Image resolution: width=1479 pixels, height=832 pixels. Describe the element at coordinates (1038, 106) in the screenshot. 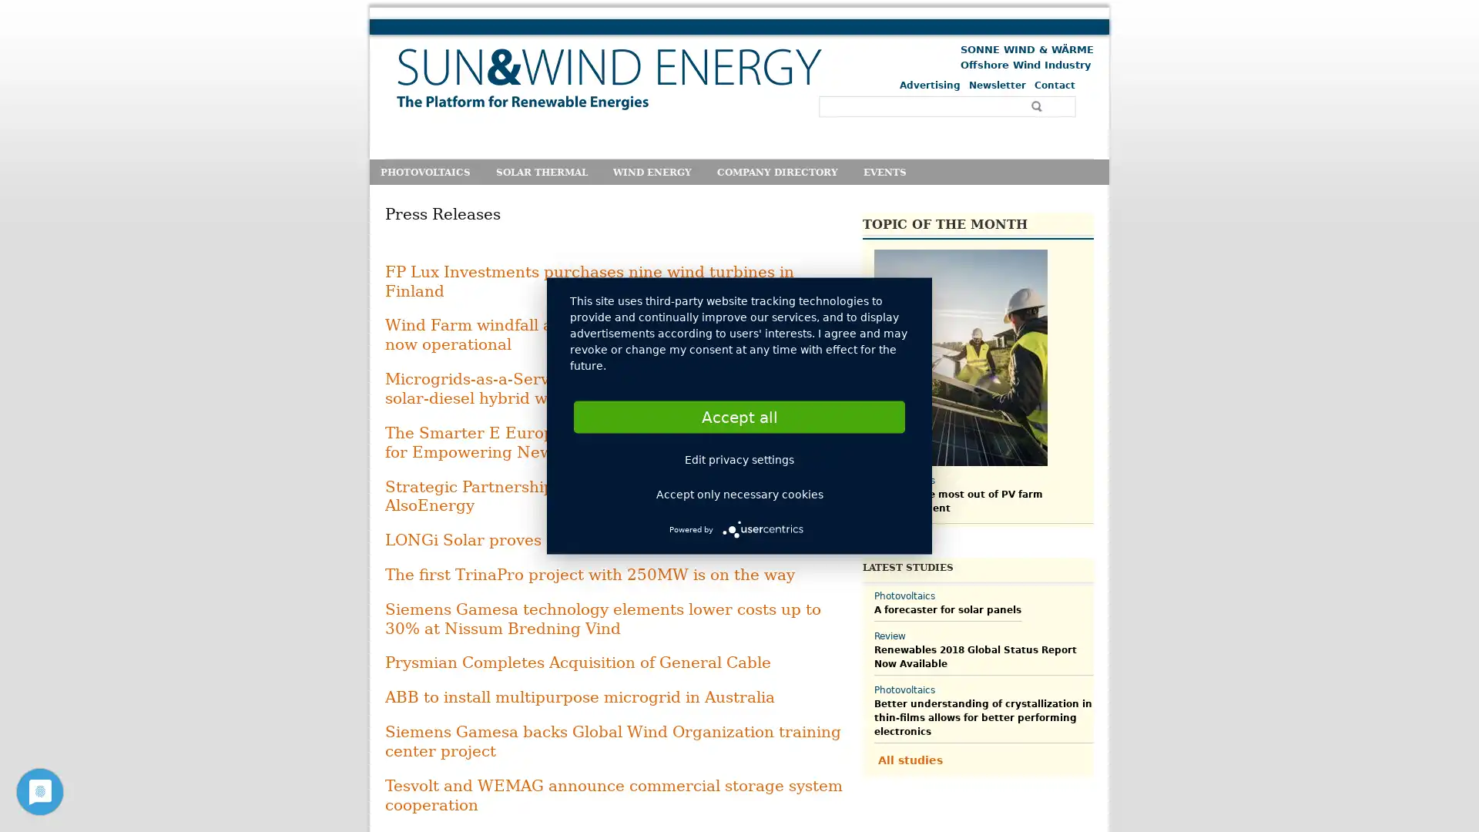

I see `Search` at that location.